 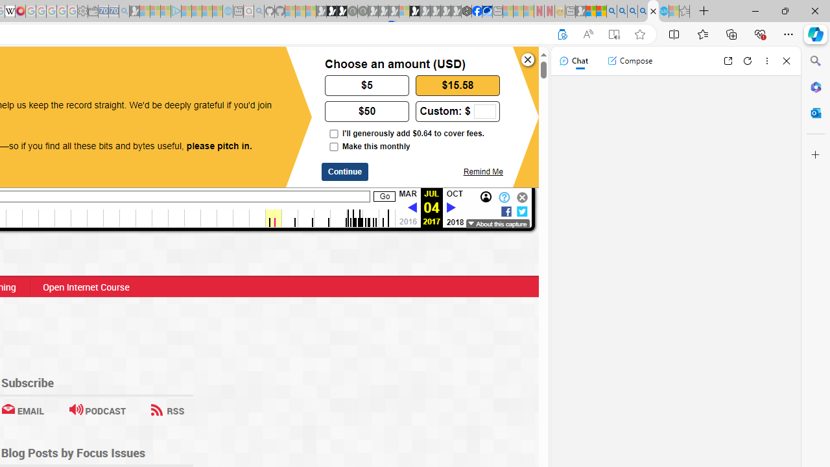 I want to click on 'PODCAST', so click(x=97, y=411).